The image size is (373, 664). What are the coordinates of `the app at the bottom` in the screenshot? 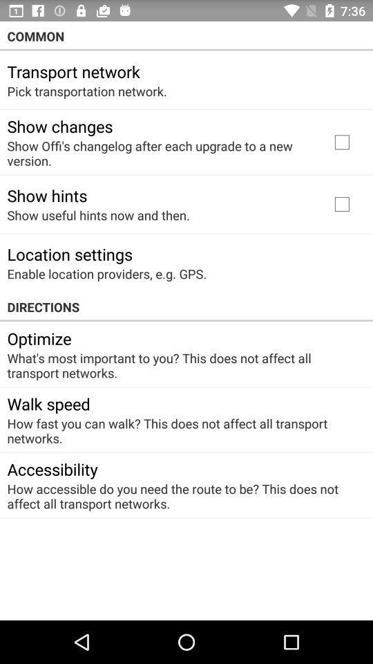 It's located at (182, 496).